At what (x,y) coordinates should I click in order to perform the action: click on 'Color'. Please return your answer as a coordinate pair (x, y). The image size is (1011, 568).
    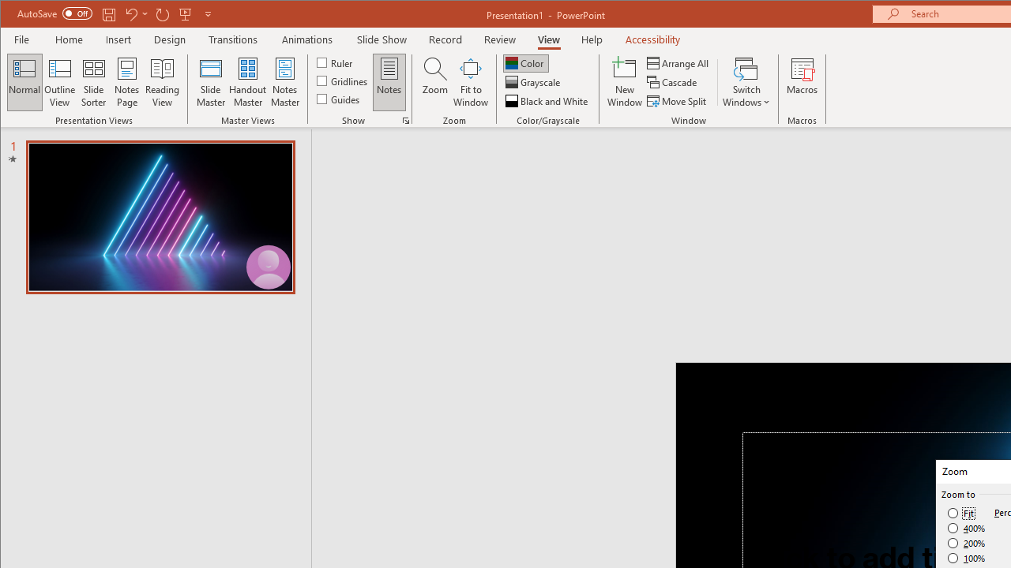
    Looking at the image, I should click on (526, 62).